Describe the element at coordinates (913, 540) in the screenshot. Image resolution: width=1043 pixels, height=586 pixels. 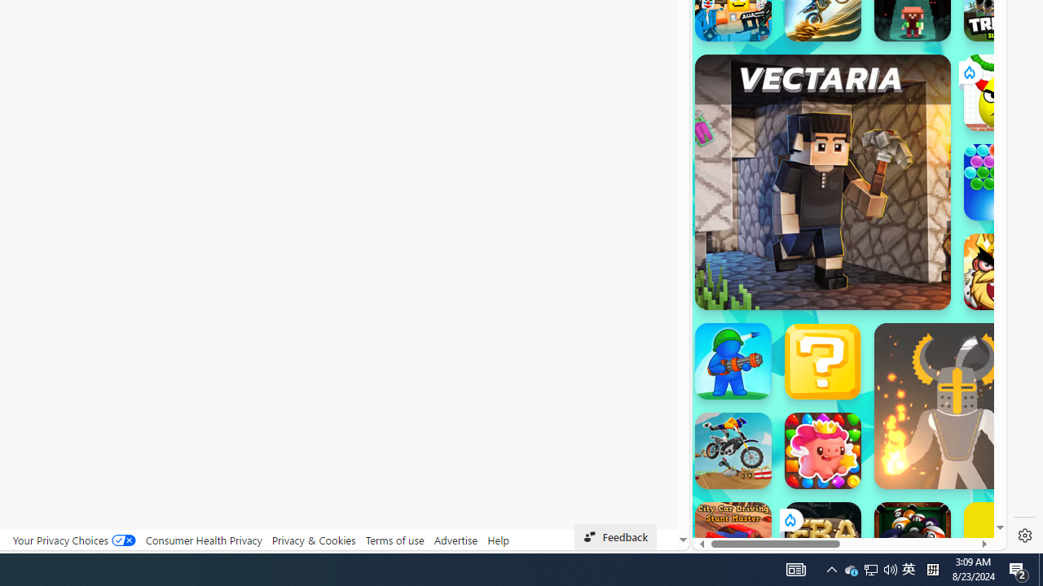
I see `'8 Ball Pool With Buddies 8 Ball Pool With Buddies'` at that location.